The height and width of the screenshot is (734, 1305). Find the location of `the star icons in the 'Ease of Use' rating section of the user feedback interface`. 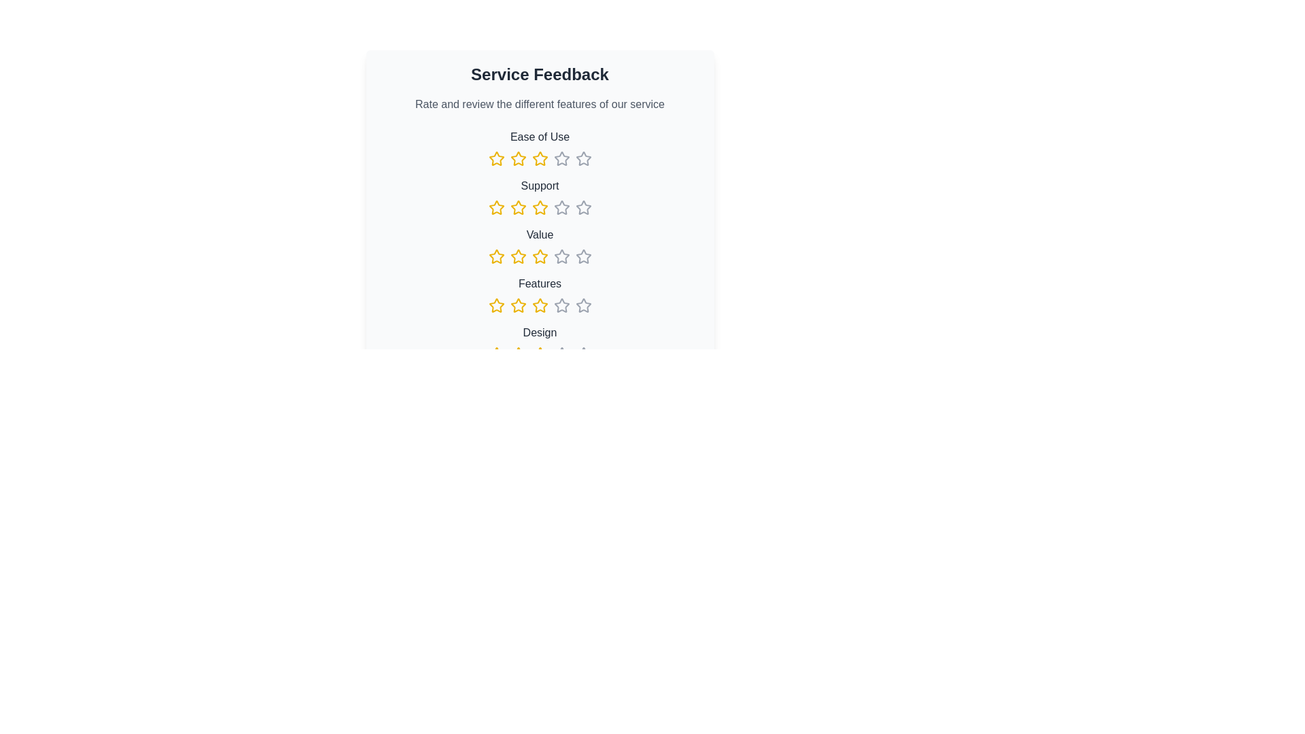

the star icons in the 'Ease of Use' rating section of the user feedback interface is located at coordinates (539, 148).